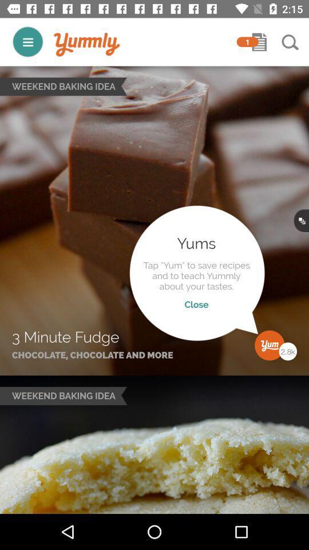  Describe the element at coordinates (259, 42) in the screenshot. I see `messages` at that location.